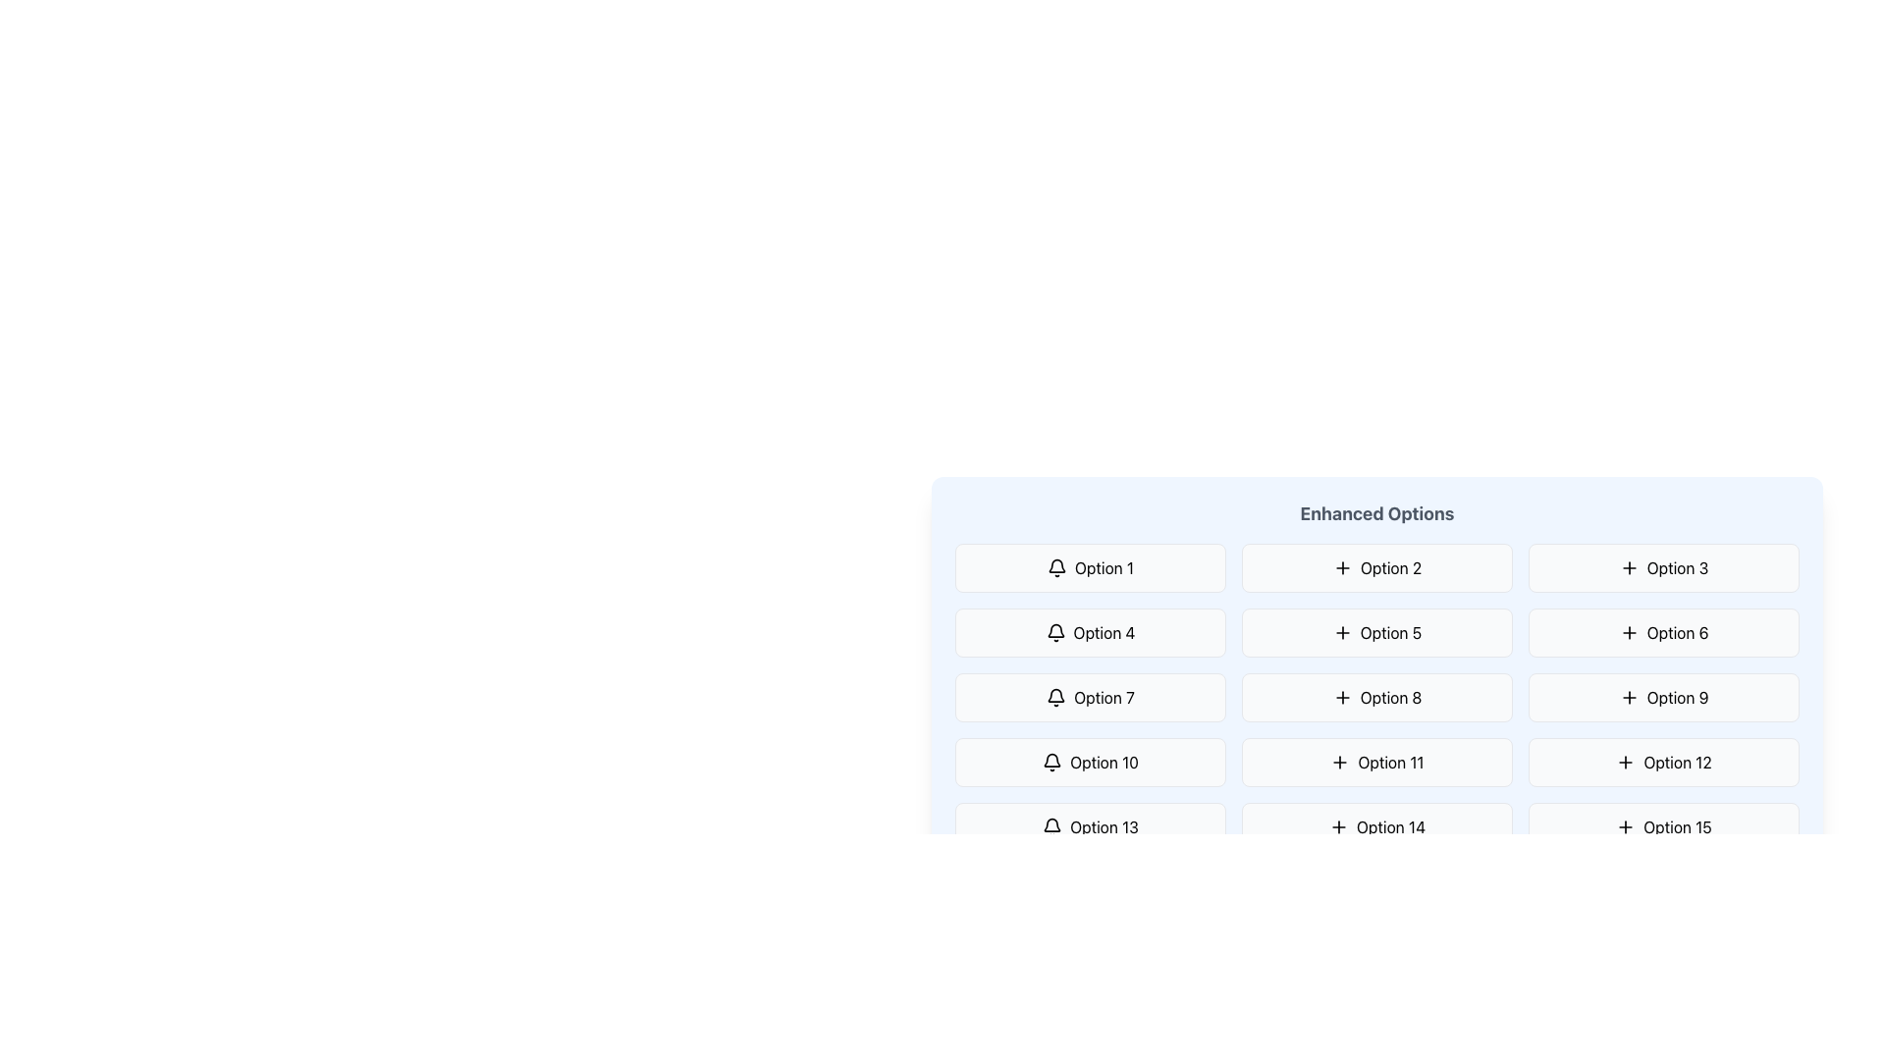 The height and width of the screenshot is (1060, 1885). Describe the element at coordinates (1339, 761) in the screenshot. I see `the icon associated with 'Option 11' located in the fourth row, second column of the grid under 'Enhanced Options'` at that location.